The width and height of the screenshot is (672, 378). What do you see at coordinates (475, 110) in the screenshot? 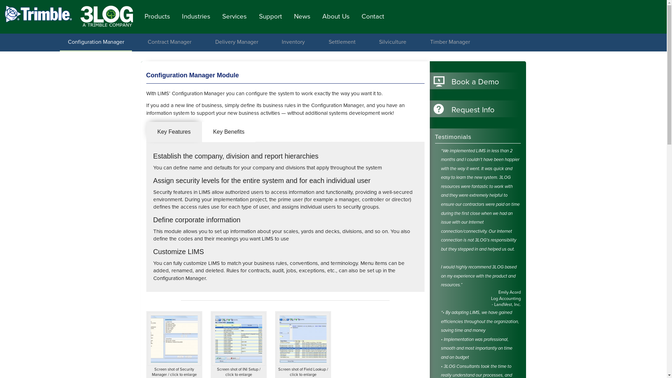
I see `'  Request Info'` at bounding box center [475, 110].